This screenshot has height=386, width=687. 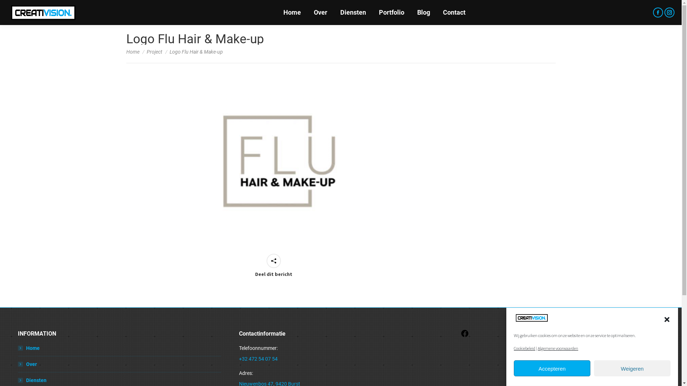 I want to click on 'Instagram page opens in new window', so click(x=669, y=12).